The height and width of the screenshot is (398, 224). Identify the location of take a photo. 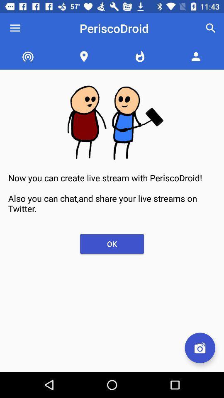
(200, 348).